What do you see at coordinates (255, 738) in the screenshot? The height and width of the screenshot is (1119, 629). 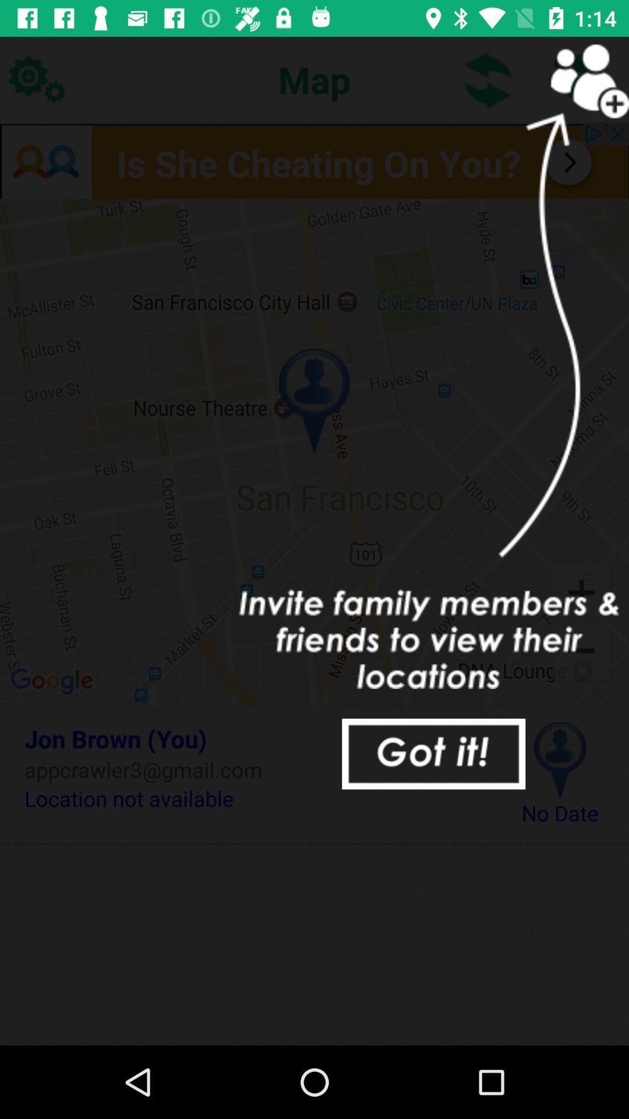 I see `the jon brown (you)` at bounding box center [255, 738].